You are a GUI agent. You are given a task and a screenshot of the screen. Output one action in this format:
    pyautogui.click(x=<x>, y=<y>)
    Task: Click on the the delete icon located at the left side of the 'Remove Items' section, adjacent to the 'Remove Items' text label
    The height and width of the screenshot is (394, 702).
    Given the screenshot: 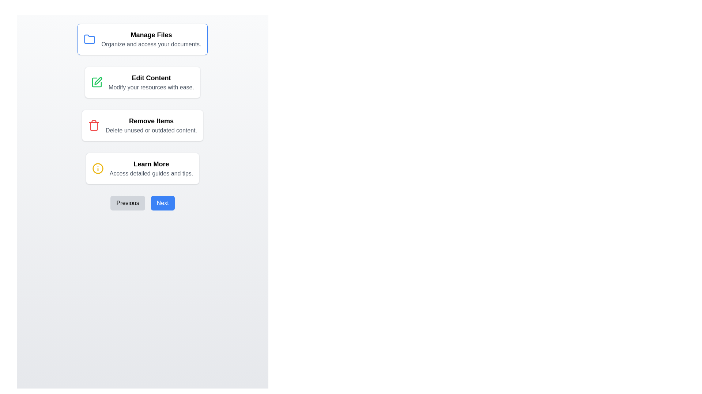 What is the action you would take?
    pyautogui.click(x=94, y=125)
    